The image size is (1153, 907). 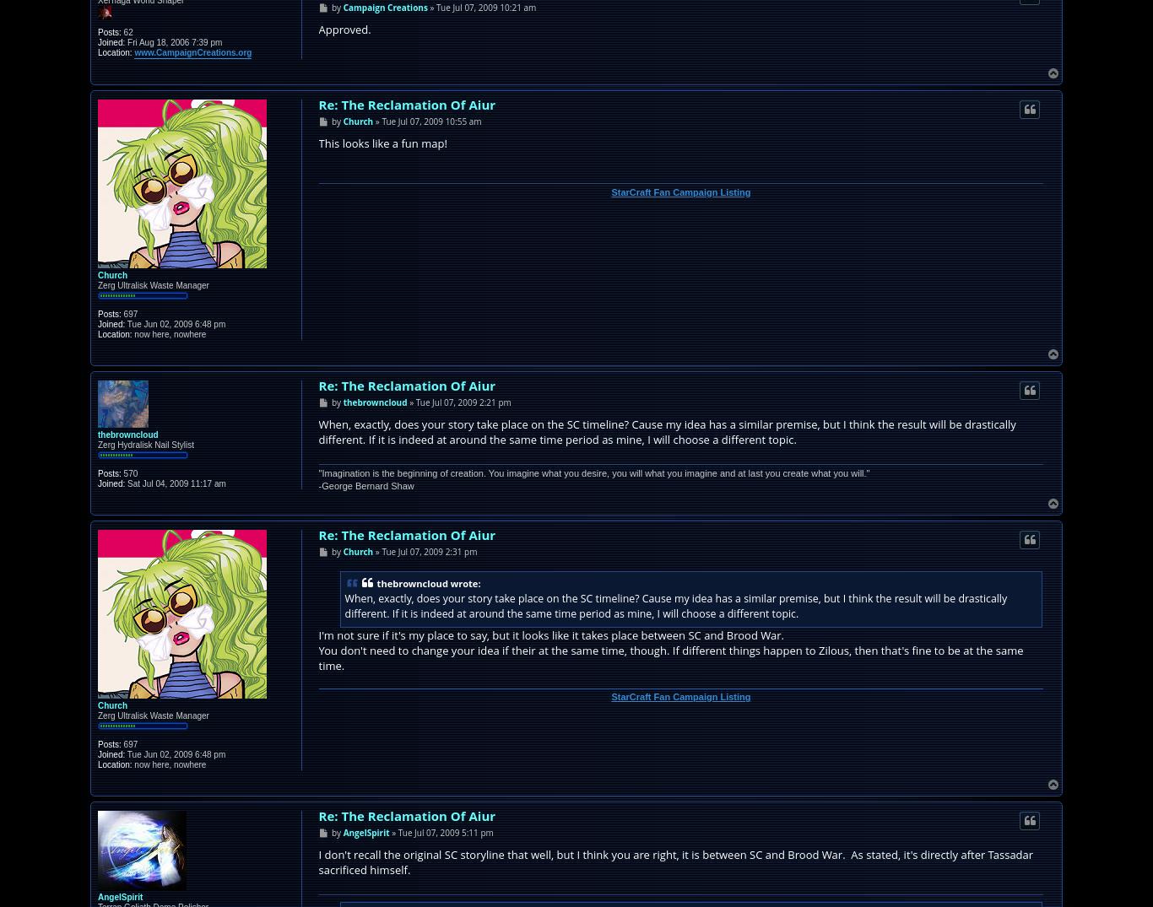 I want to click on 'Tue Jul 07, 2009 2:21 pm', so click(x=463, y=402).